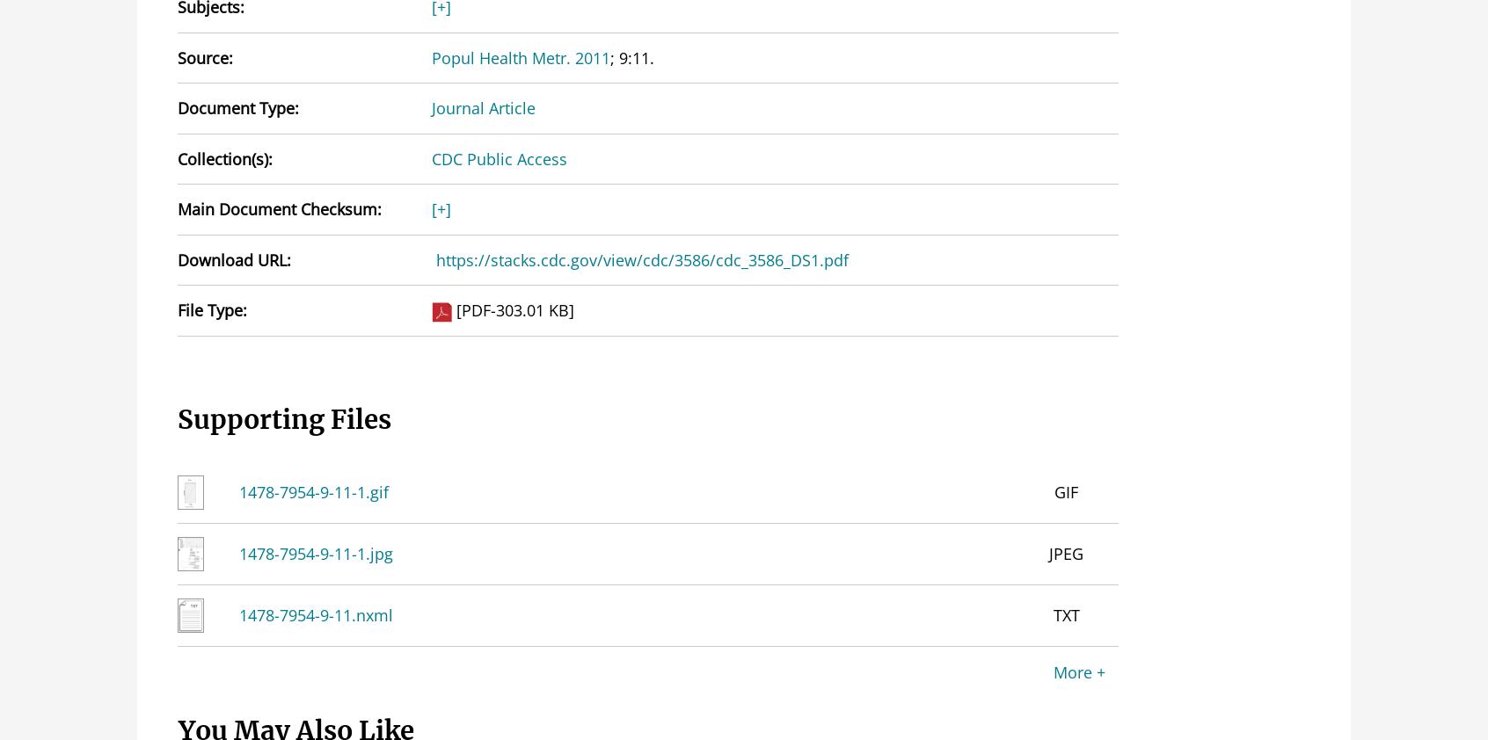 The image size is (1488, 740). Describe the element at coordinates (224, 157) in the screenshot. I see `'Collection(s):'` at that location.